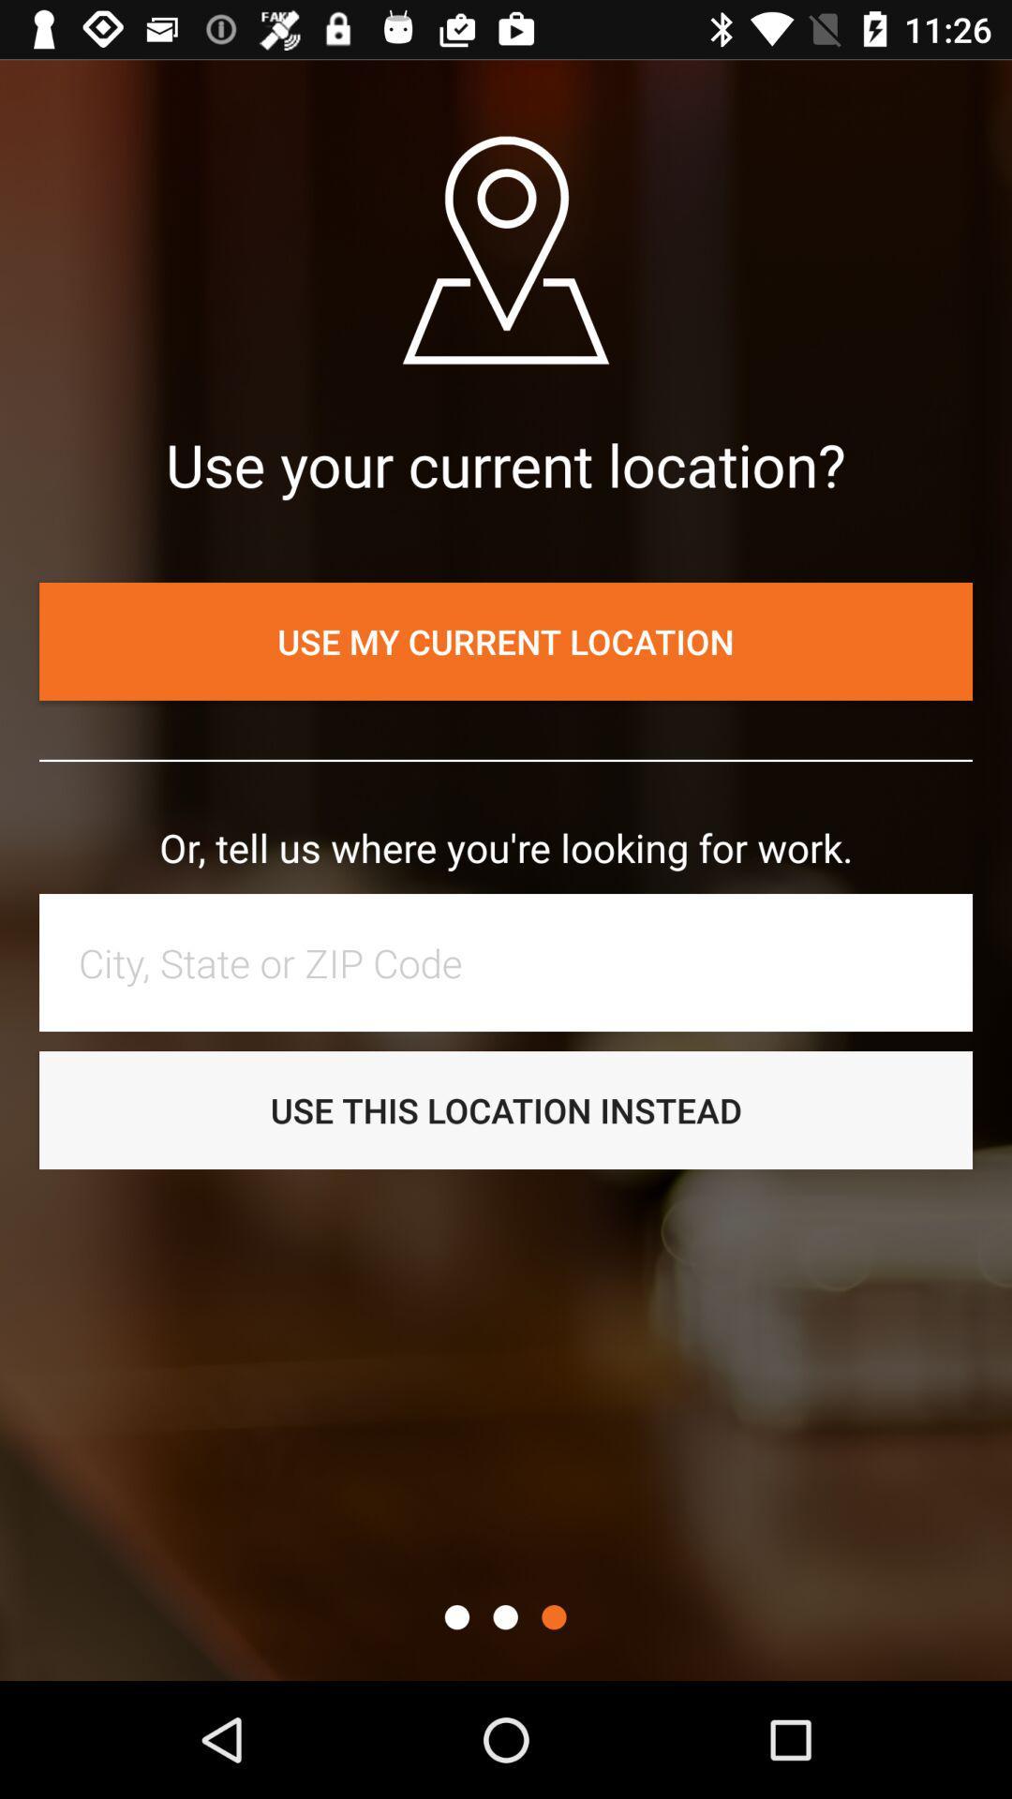 This screenshot has width=1012, height=1799. I want to click on location, so click(515, 962).